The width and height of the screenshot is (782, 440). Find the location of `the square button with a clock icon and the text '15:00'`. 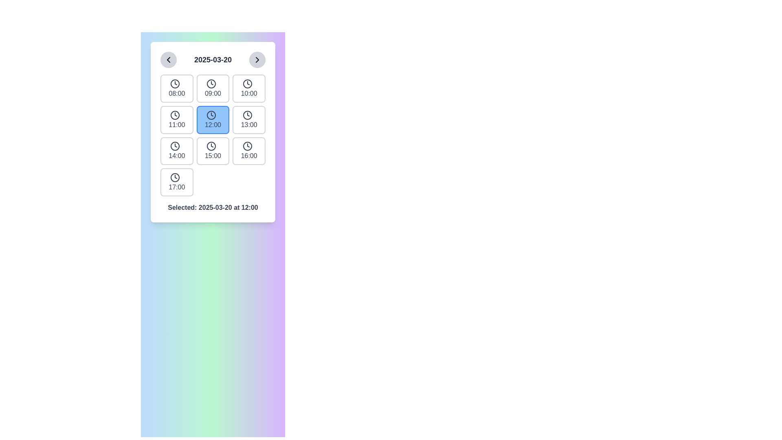

the square button with a clock icon and the text '15:00' is located at coordinates (213, 151).